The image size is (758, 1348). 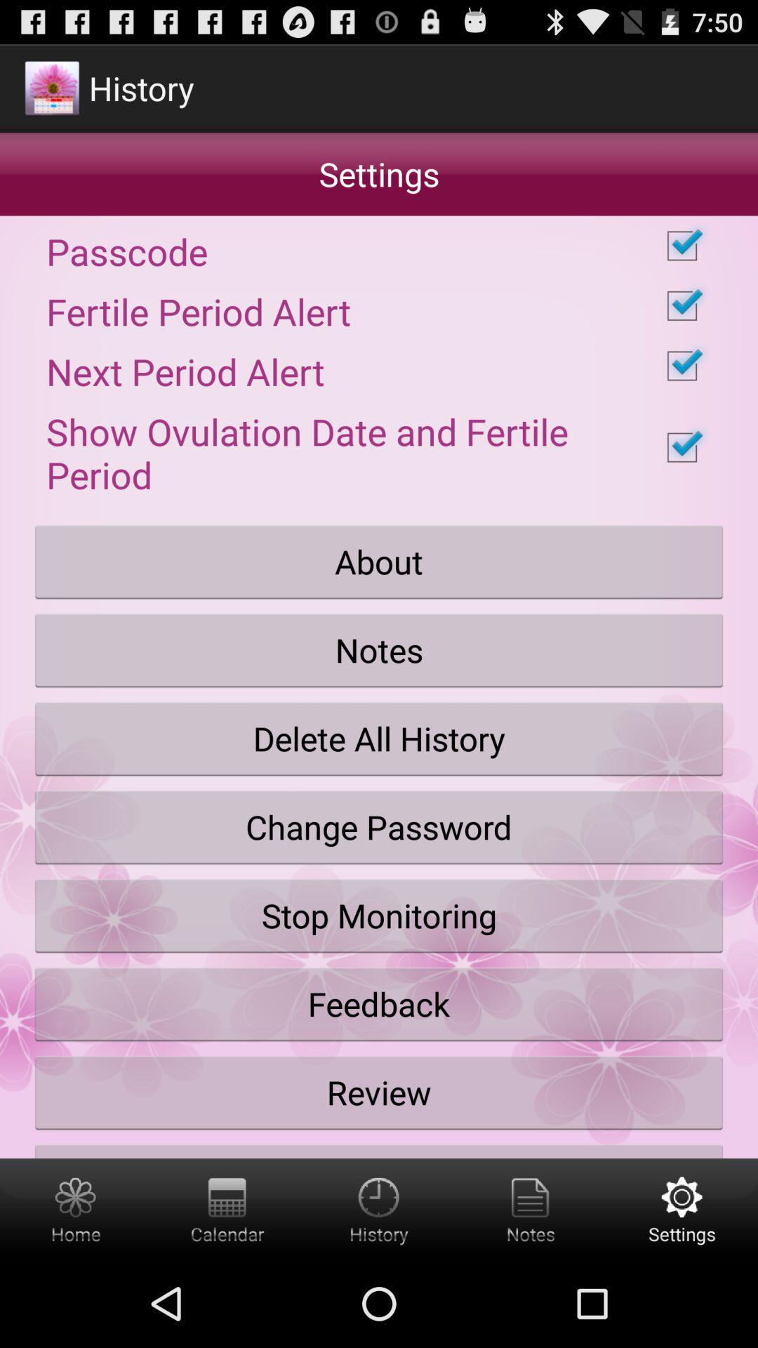 I want to click on icon below the notes button, so click(x=379, y=738).